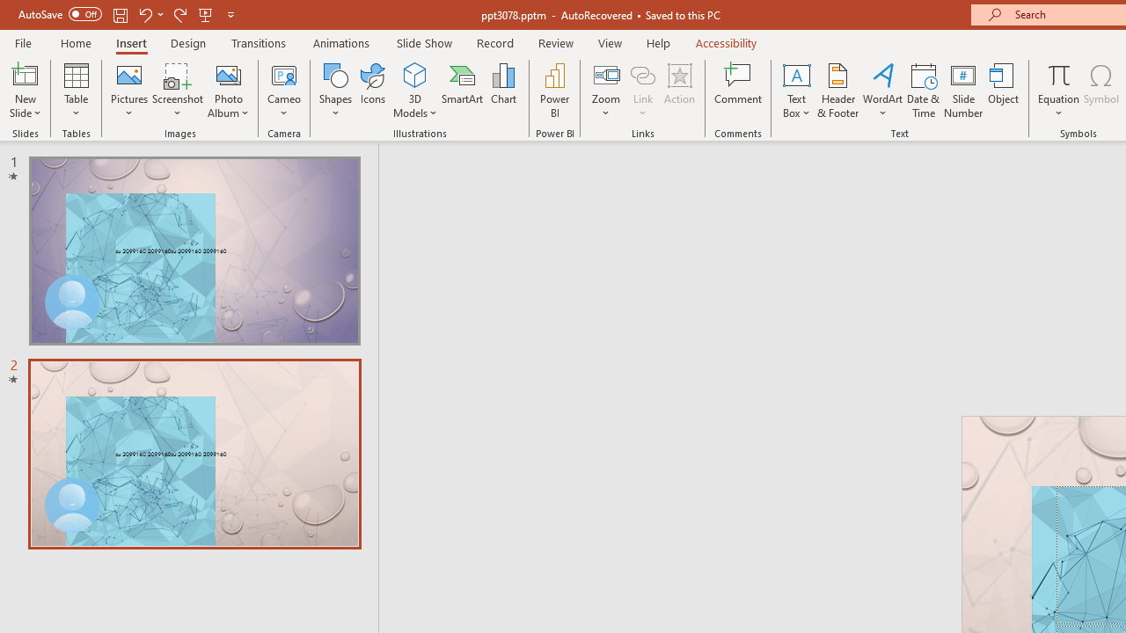 This screenshot has width=1126, height=633. Describe the element at coordinates (883, 91) in the screenshot. I see `'WordArt'` at that location.